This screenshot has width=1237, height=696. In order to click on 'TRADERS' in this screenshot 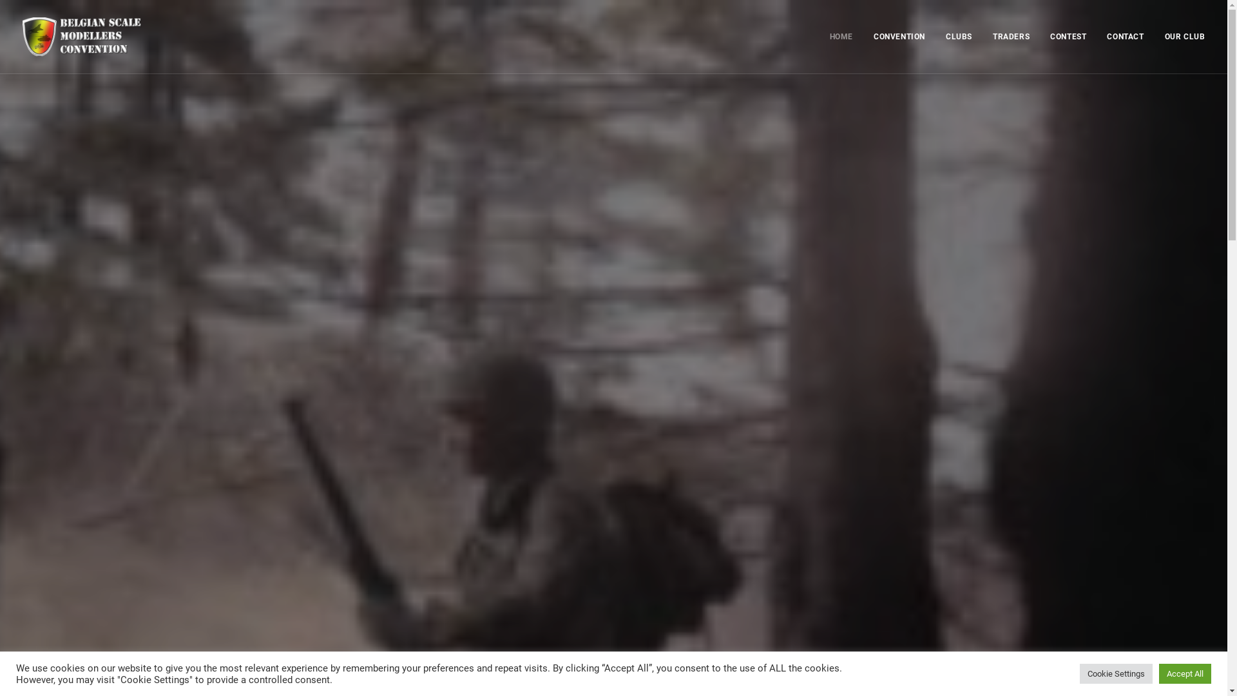, I will do `click(1010, 36)`.